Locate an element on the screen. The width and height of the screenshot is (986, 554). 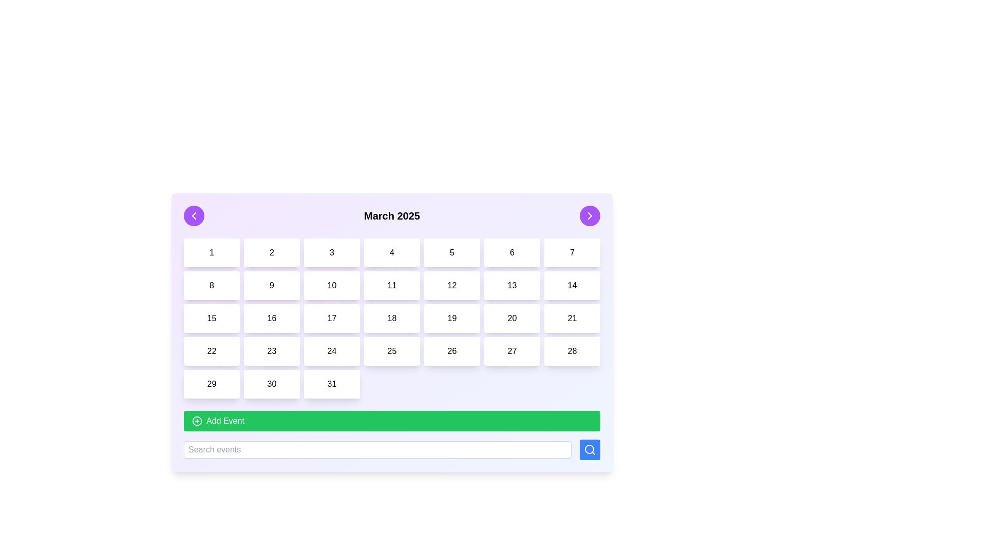
the clickable calendar day tile displaying the number '9', located in the second row and second column of the calendar grid is located at coordinates (272, 285).